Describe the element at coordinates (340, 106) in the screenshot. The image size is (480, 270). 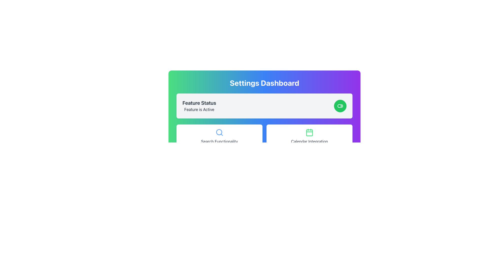
I see `the state of the toggle switch icon located near the top-right of a card in the dashboard interface` at that location.